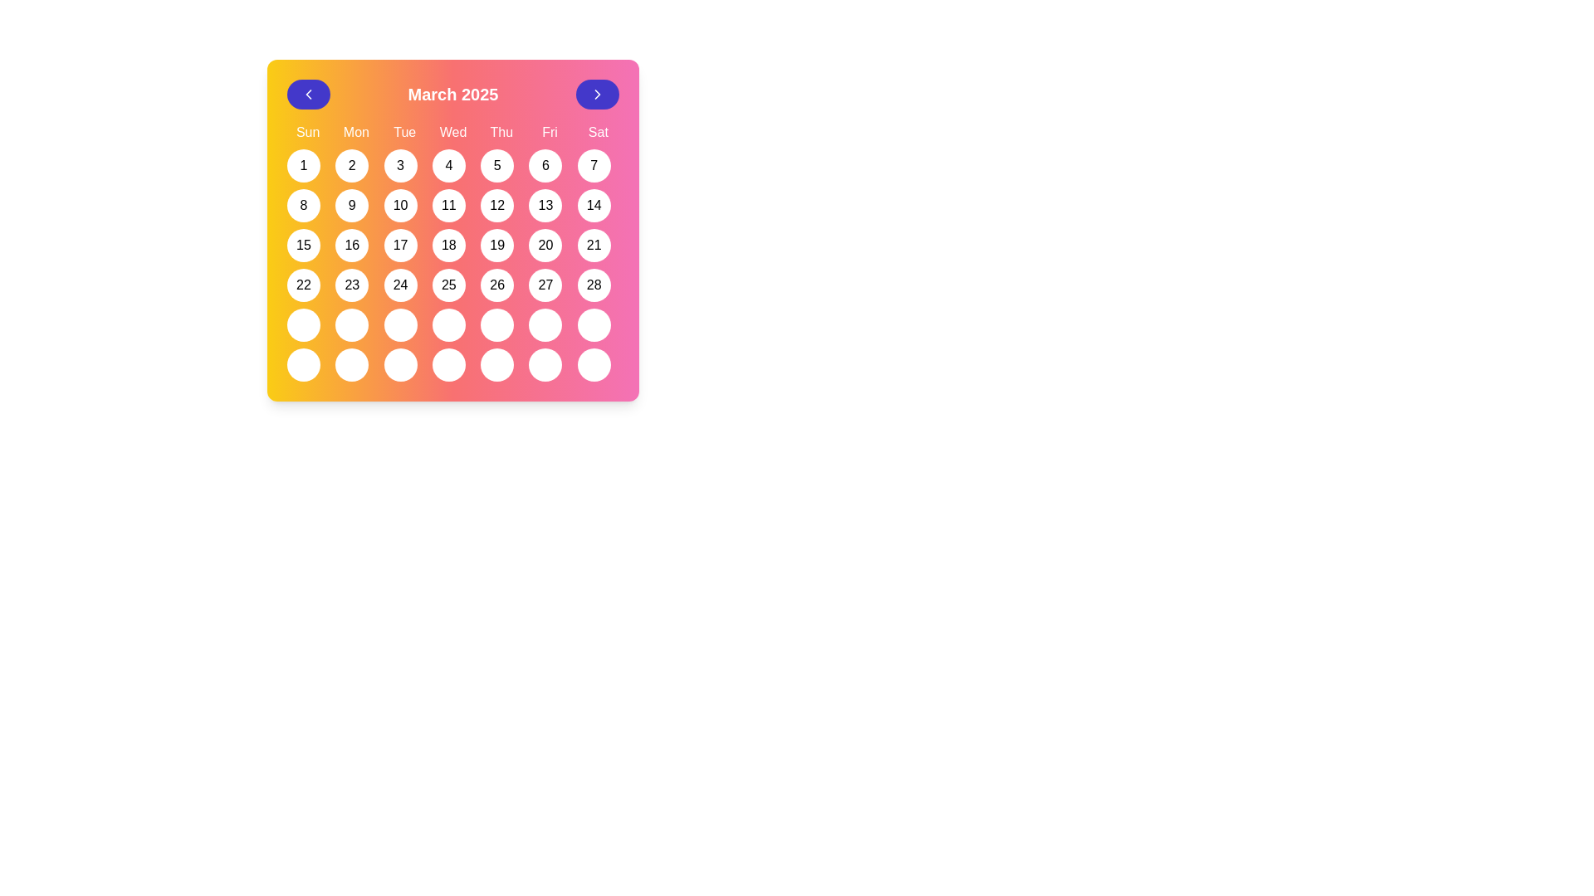  Describe the element at coordinates (351, 325) in the screenshot. I see `the circular button in the calendar interface located in the fifth row and second column to change its appearance to a blue background` at that location.